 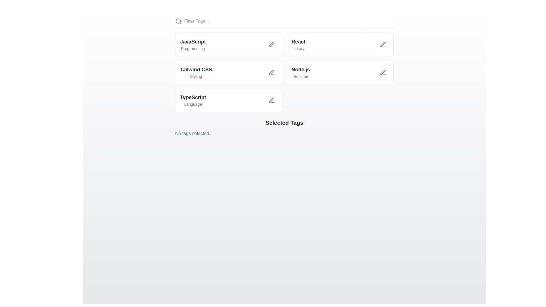 I want to click on the small circular button with a gray border and a pencil icon, so click(x=383, y=72).